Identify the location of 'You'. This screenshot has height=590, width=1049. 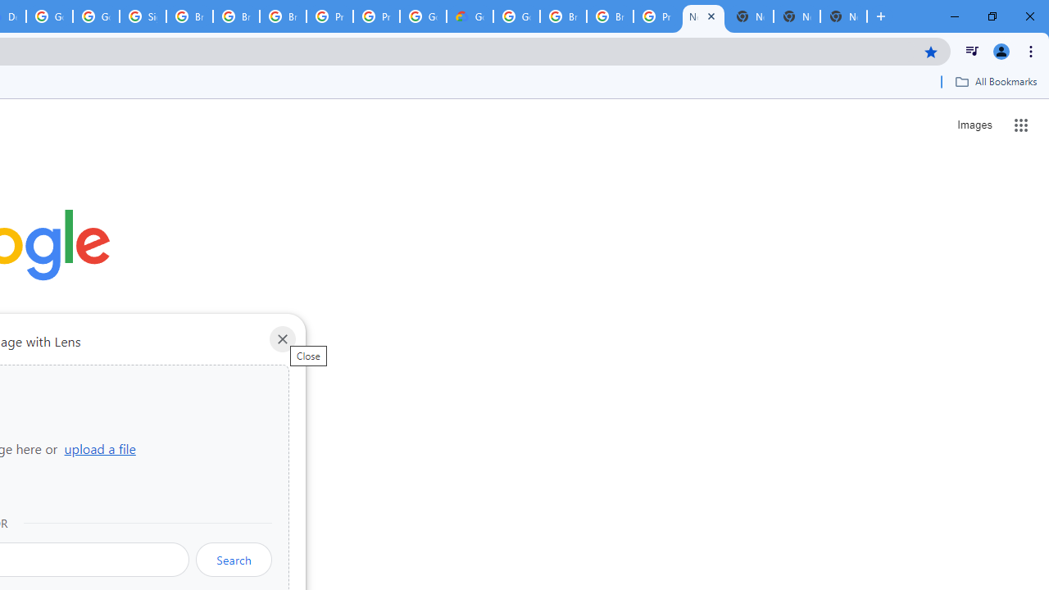
(1000, 50).